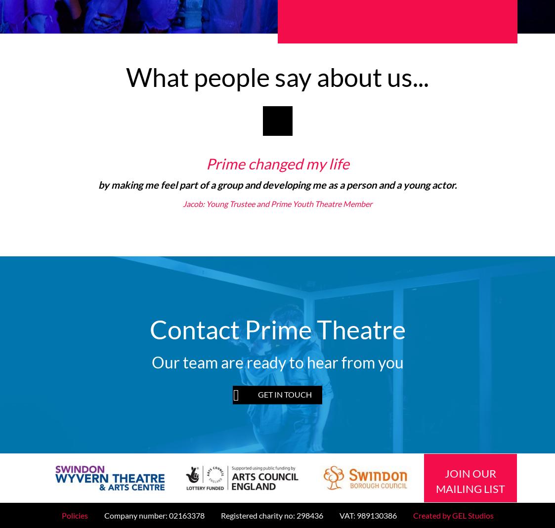 This screenshot has width=555, height=528. What do you see at coordinates (183, 203) in the screenshot?
I see `'Jacob: Young Trustee and Prime Youth Theatre Member'` at bounding box center [183, 203].